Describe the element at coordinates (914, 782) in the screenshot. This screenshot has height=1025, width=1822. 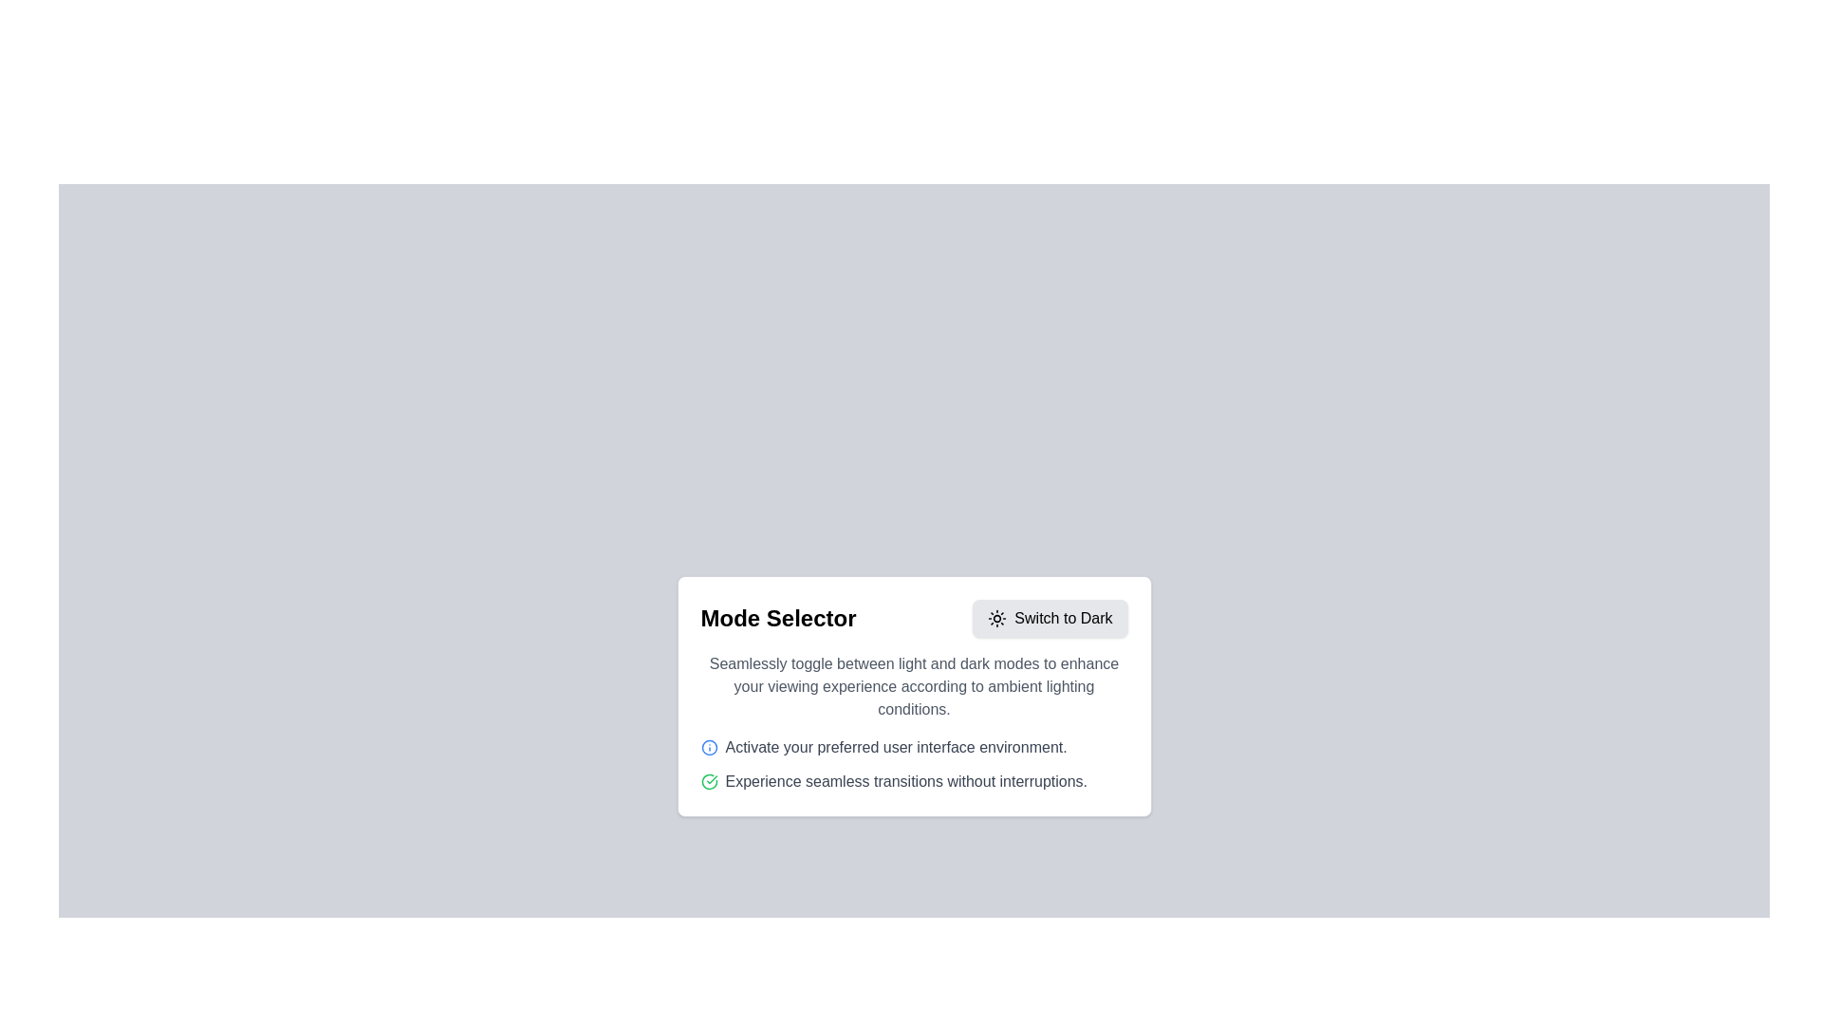
I see `the text label reading 'Experience seamless transitions without interruptions.' which is visually styled in gray and has a green checkmark icon adjacent to it` at that location.